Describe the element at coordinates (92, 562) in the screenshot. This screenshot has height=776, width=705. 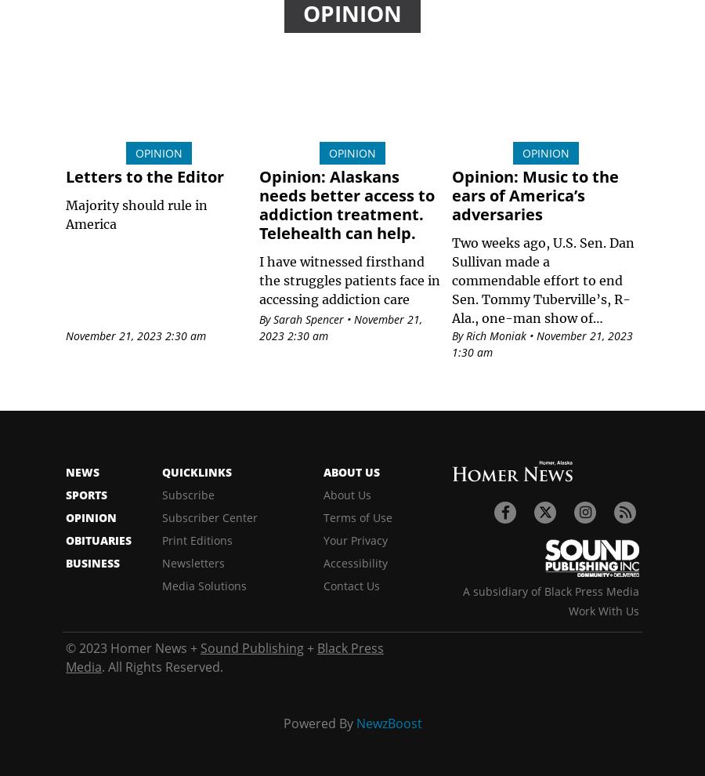
I see `'Business'` at that location.